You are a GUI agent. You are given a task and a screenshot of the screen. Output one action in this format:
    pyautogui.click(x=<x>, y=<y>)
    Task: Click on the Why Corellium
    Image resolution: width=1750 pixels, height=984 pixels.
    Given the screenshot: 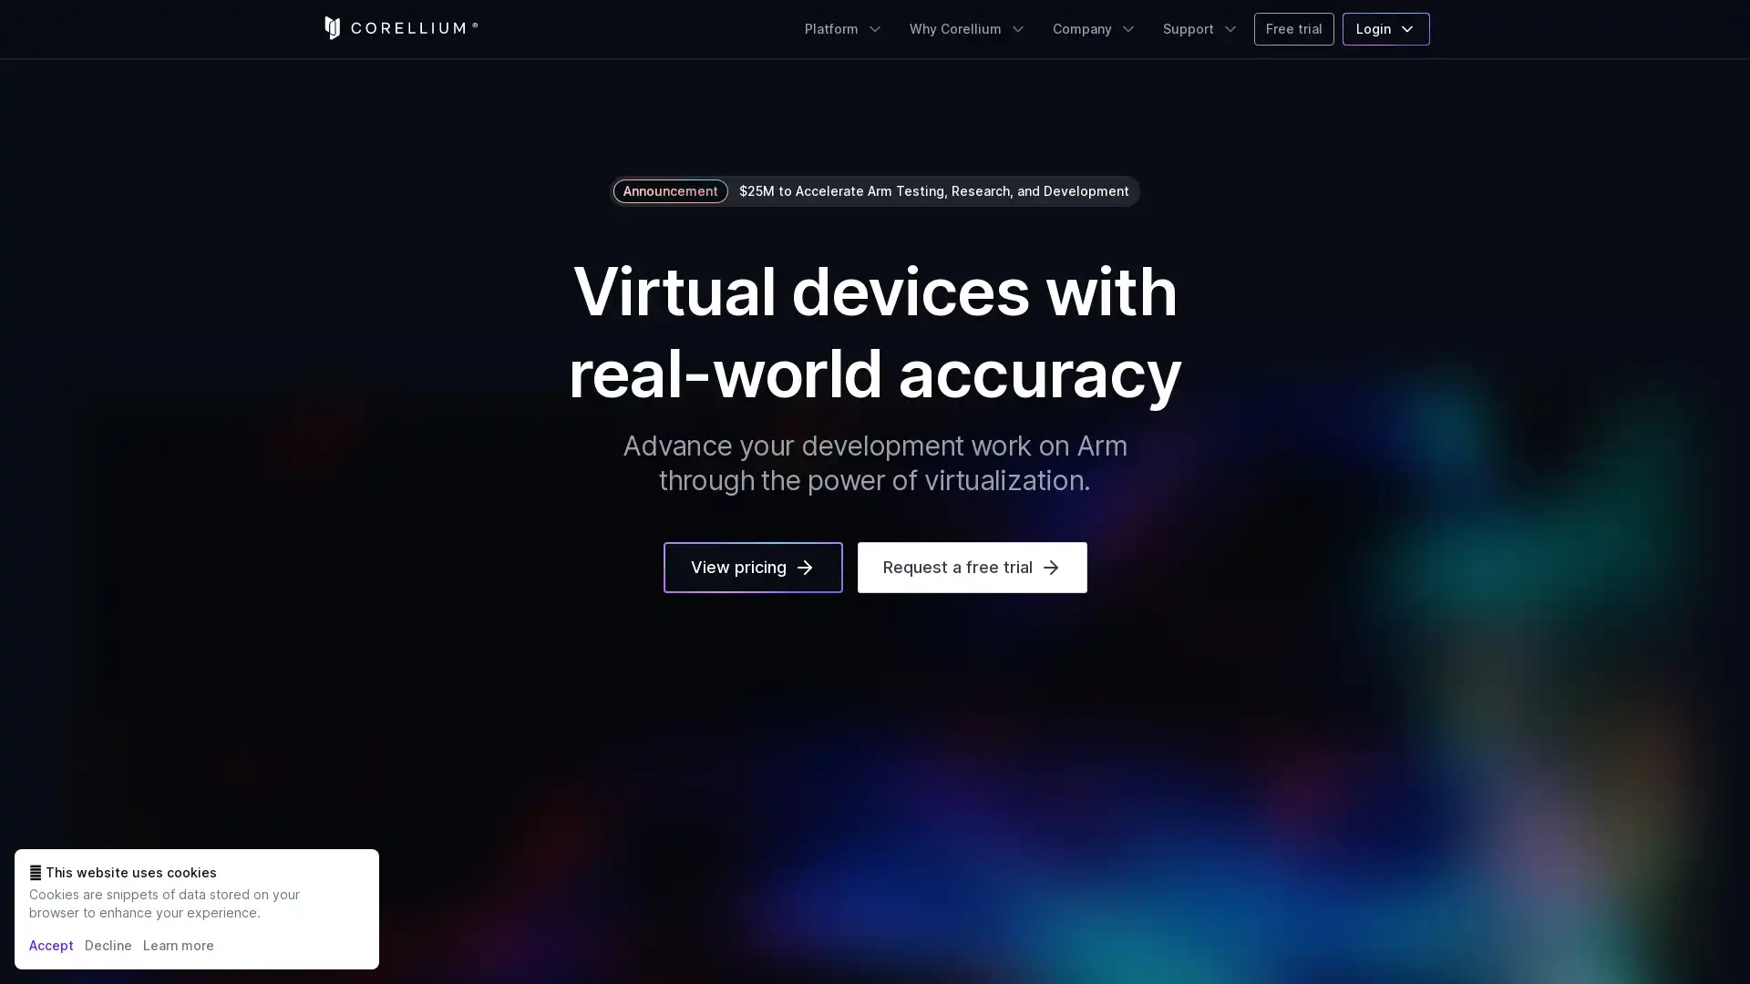 What is the action you would take?
    pyautogui.click(x=967, y=28)
    